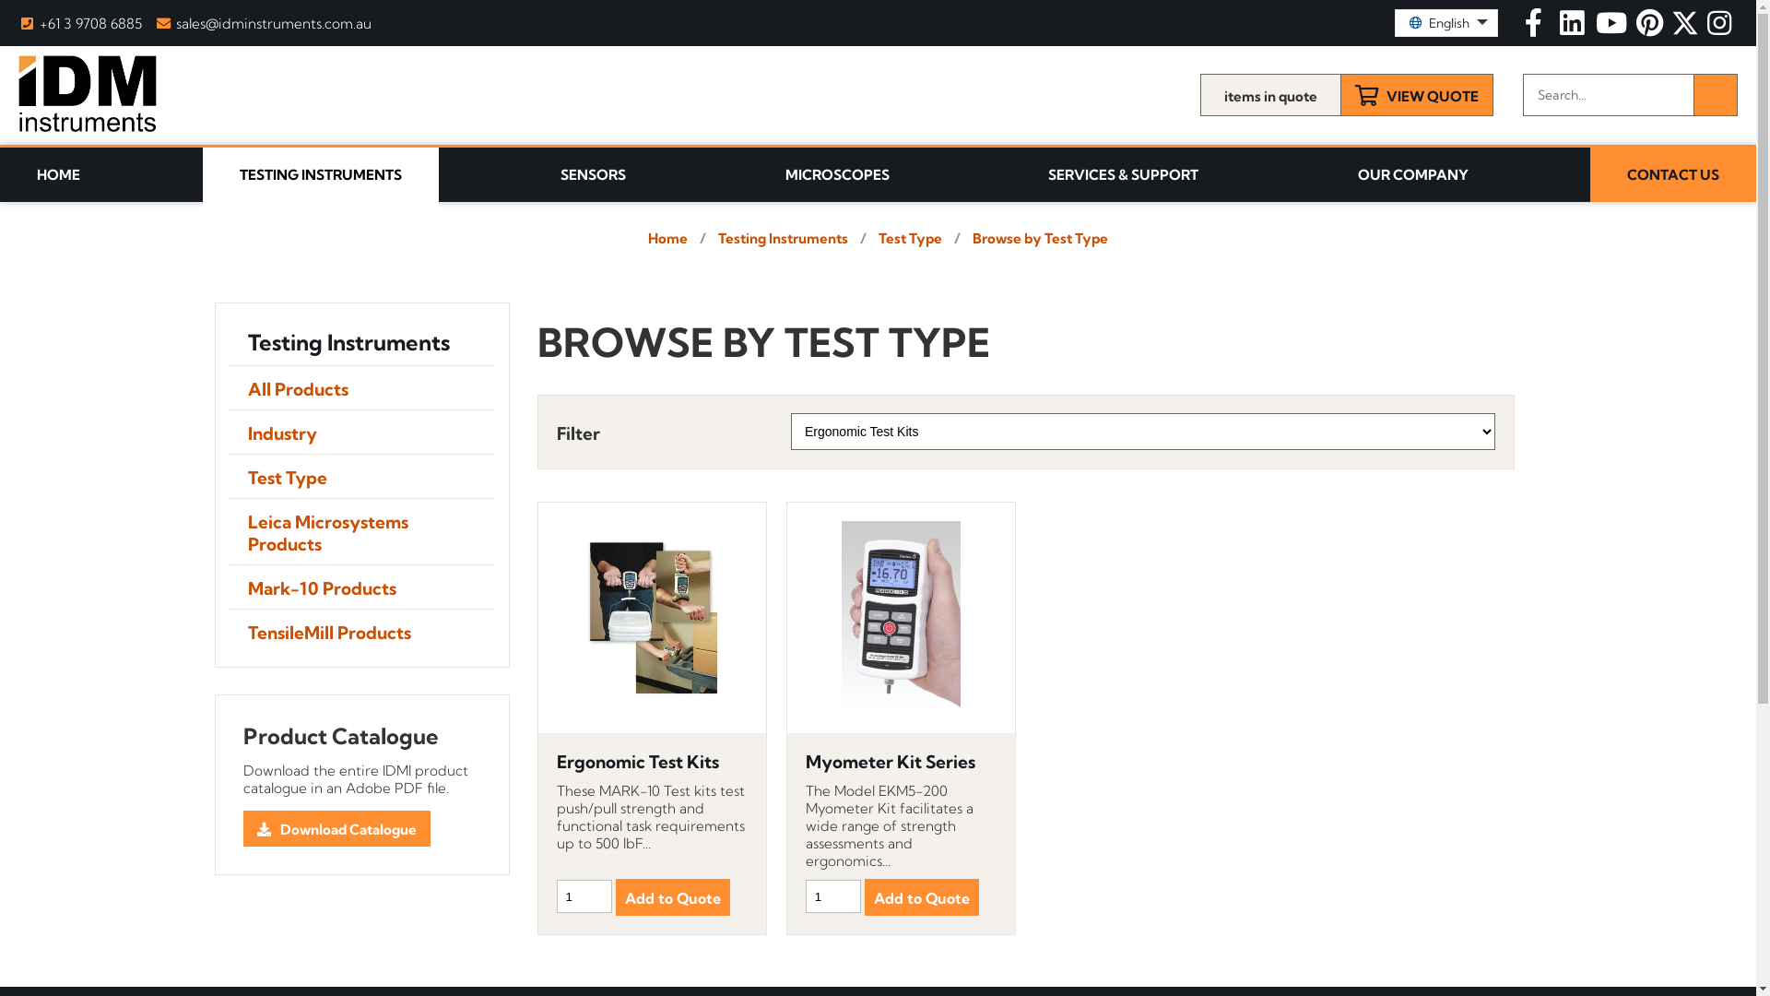 This screenshot has width=1770, height=996. What do you see at coordinates (228, 587) in the screenshot?
I see `'Mark-10 Products'` at bounding box center [228, 587].